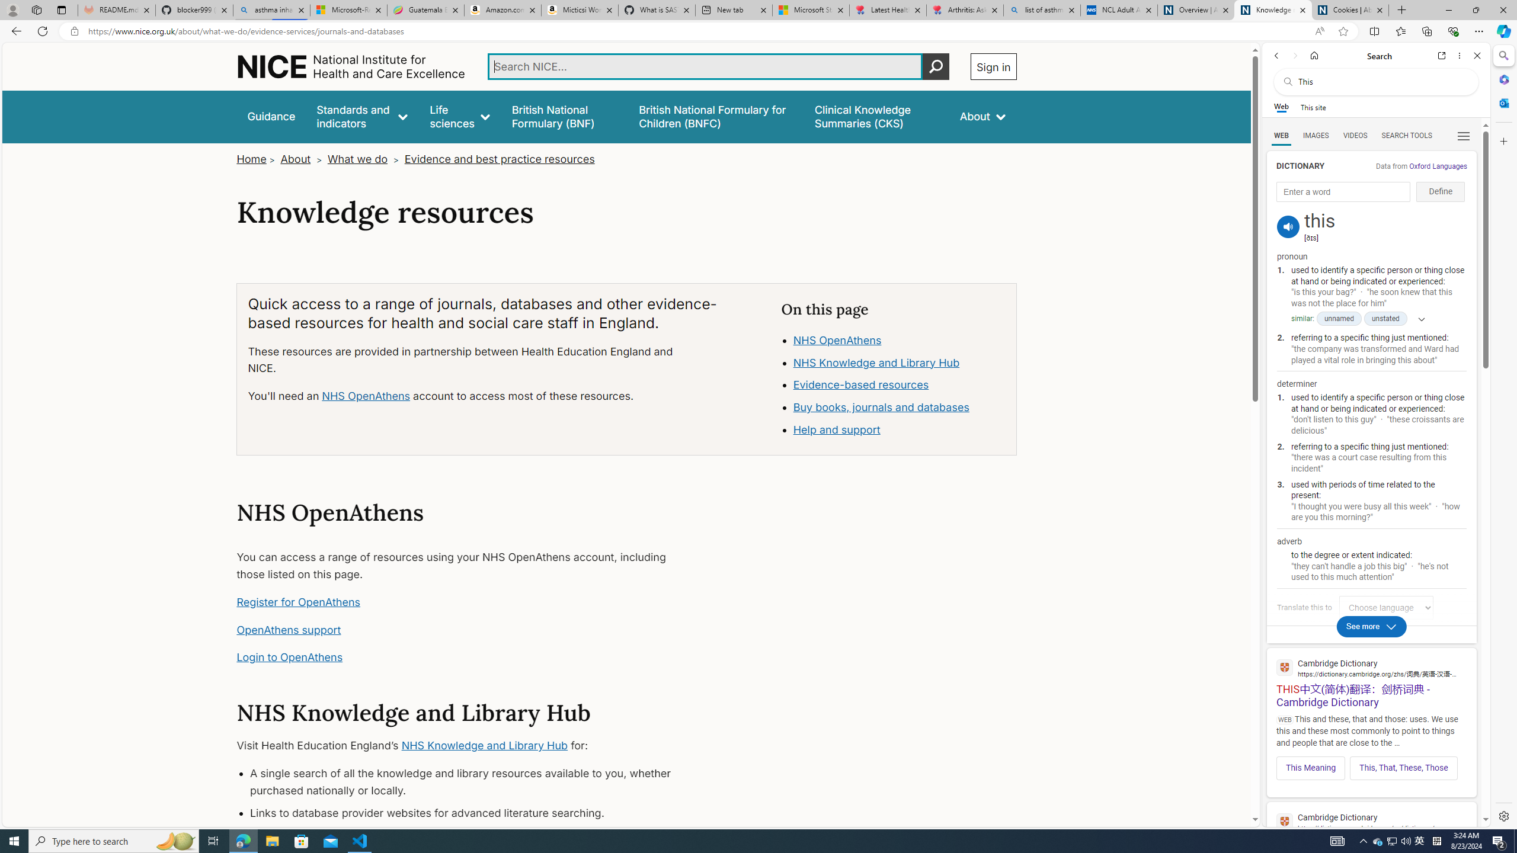 Image resolution: width=1517 pixels, height=853 pixels. Describe the element at coordinates (1406, 134) in the screenshot. I see `'Search Filter, Search Tools'` at that location.